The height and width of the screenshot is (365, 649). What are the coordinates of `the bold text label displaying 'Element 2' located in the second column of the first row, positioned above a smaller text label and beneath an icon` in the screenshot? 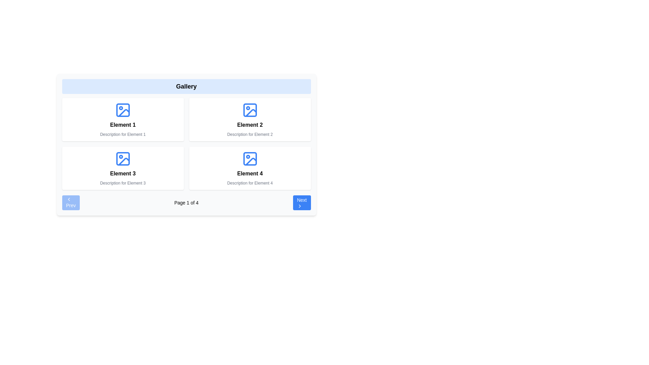 It's located at (249, 125).